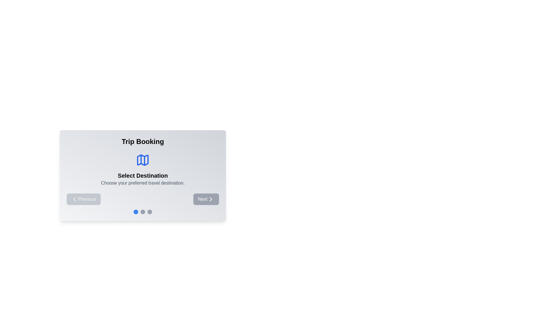 This screenshot has height=311, width=554. I want to click on the text label that says 'Select Destination', which is centrally positioned below a map icon and above descriptive text, so click(143, 175).